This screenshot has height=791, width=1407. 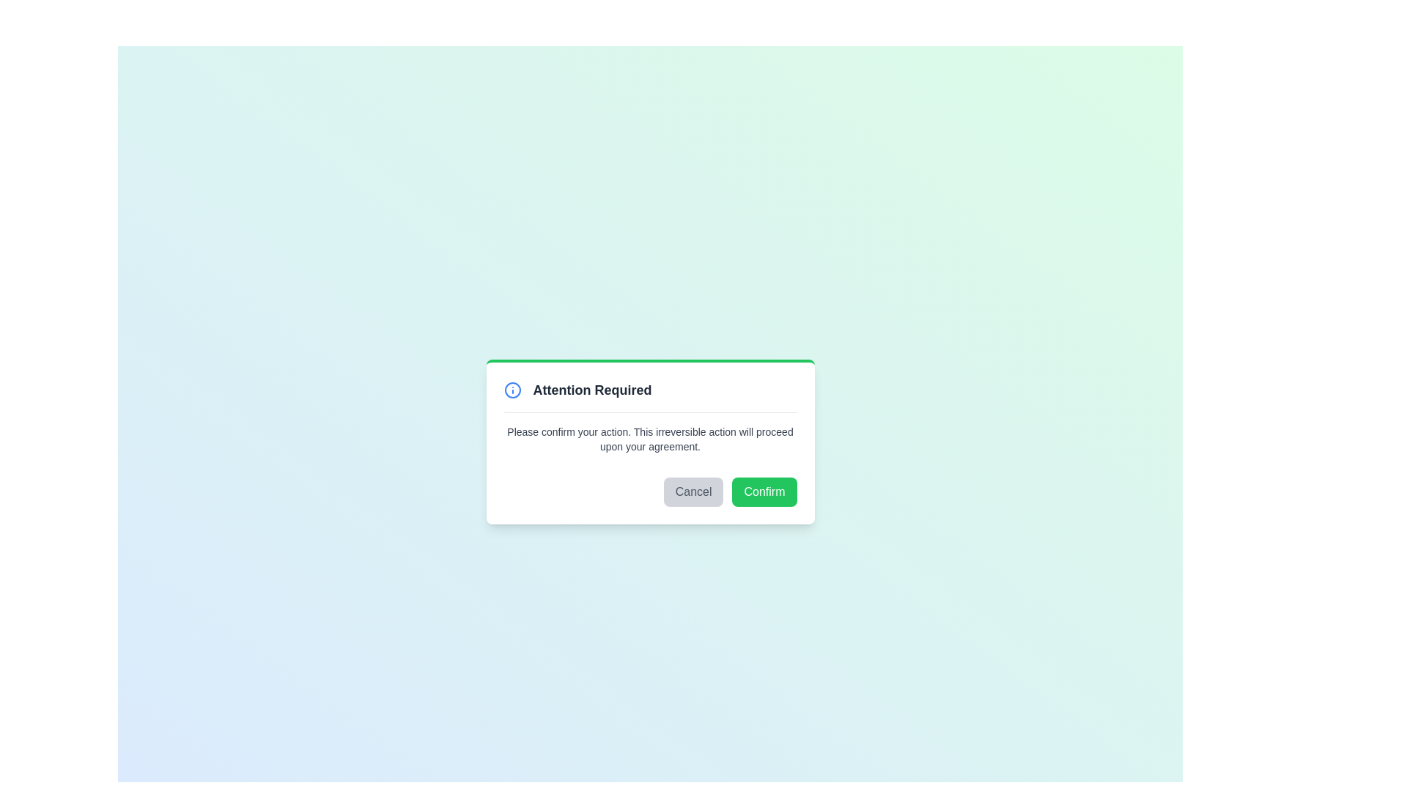 What do you see at coordinates (764, 491) in the screenshot?
I see `the green 'Confirm' button with rounded corners located at the bottom-right corner of the modal dialog box to confirm the action` at bounding box center [764, 491].